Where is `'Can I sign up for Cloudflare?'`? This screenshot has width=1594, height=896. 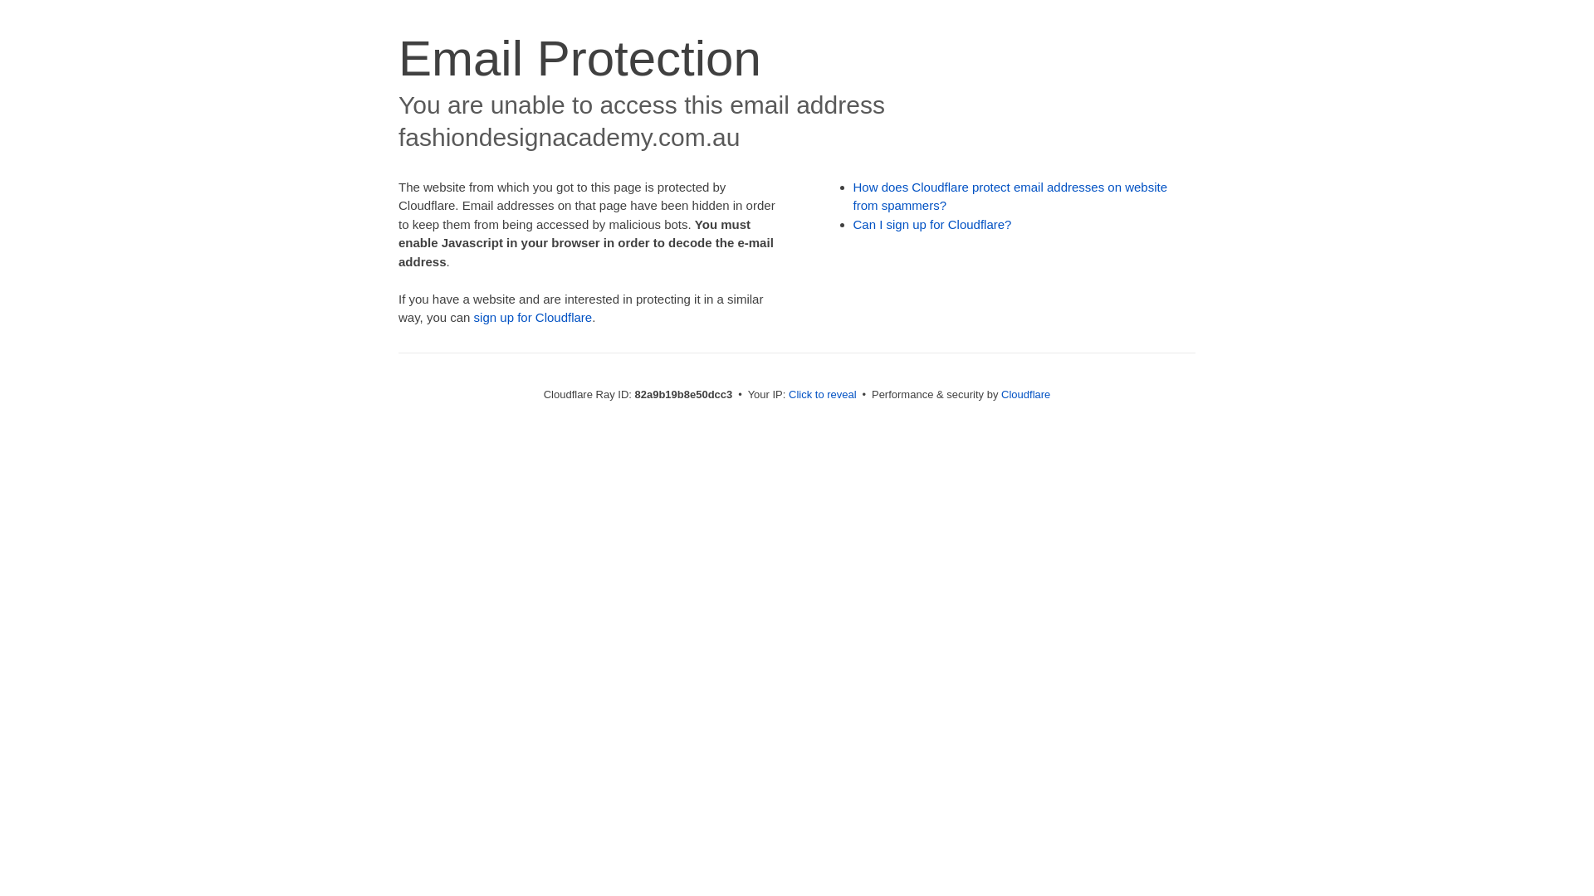
'Can I sign up for Cloudflare?' is located at coordinates (932, 224).